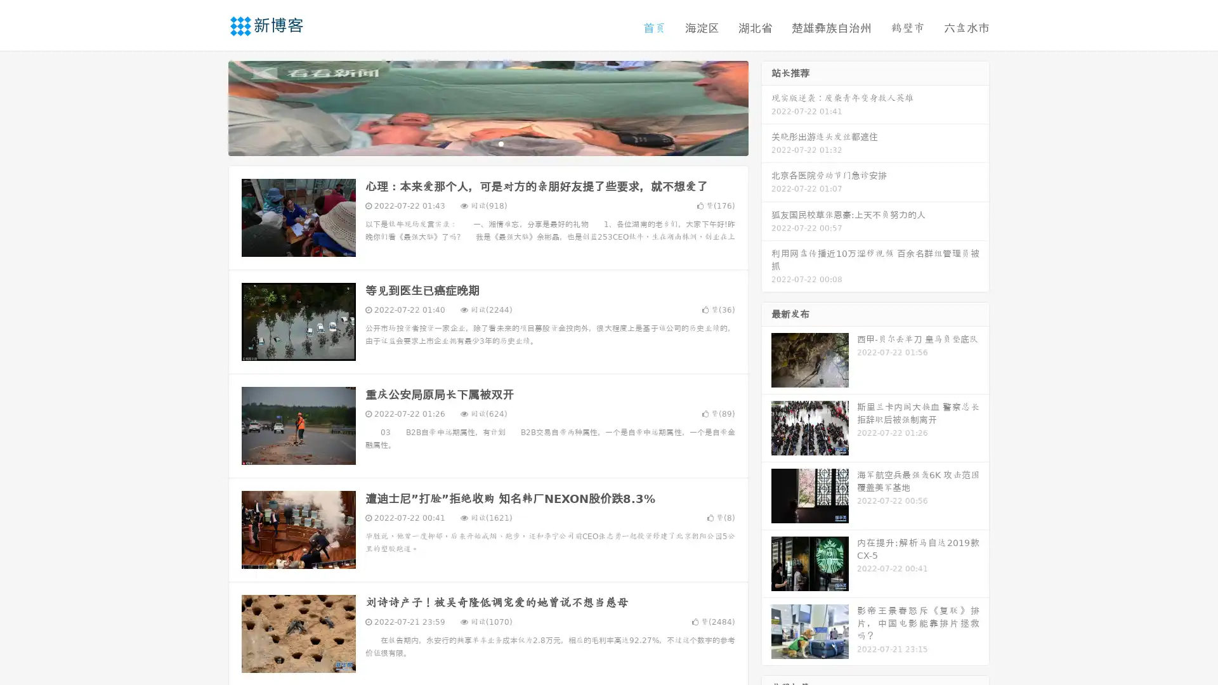 Image resolution: width=1218 pixels, height=685 pixels. What do you see at coordinates (501, 143) in the screenshot?
I see `Go to slide 3` at bounding box center [501, 143].